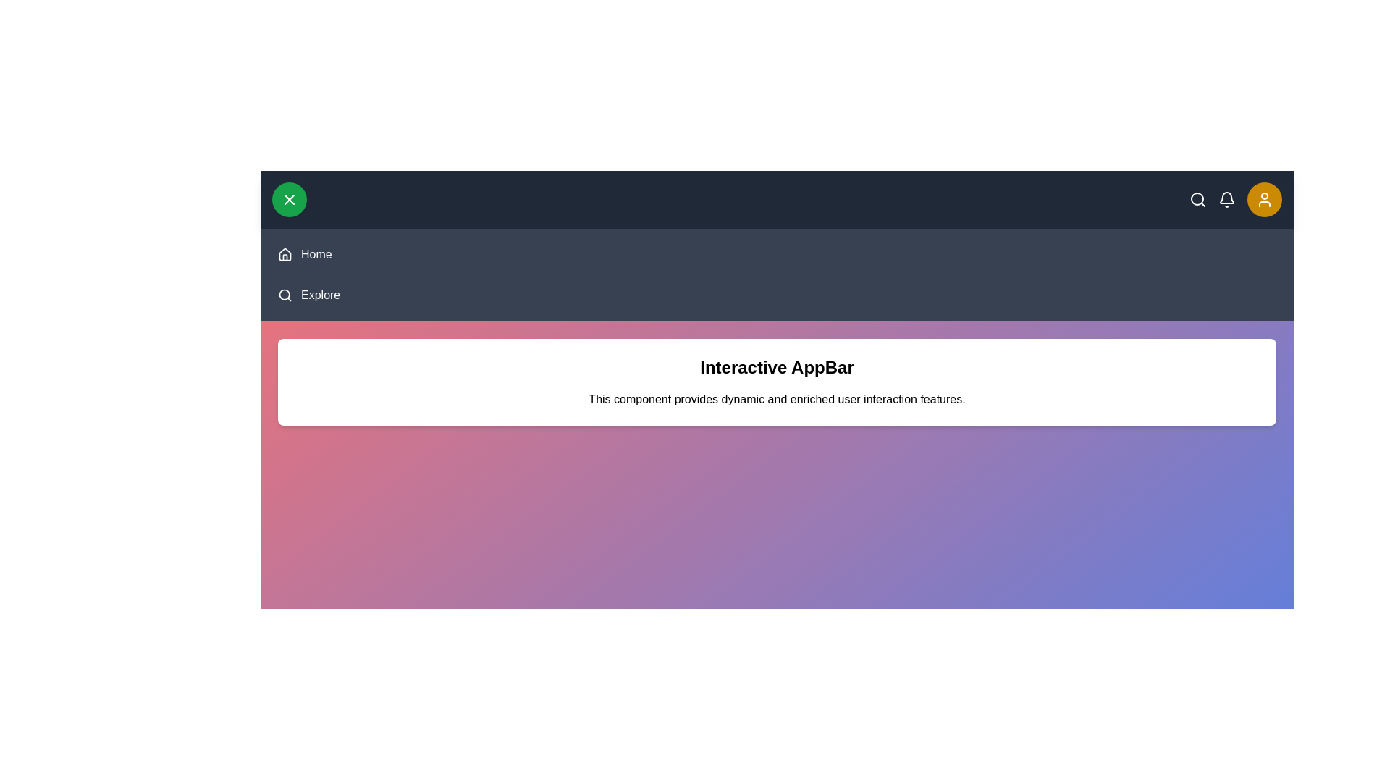  What do you see at coordinates (289, 200) in the screenshot?
I see `the green button in the top-left corner to toggle the menu` at bounding box center [289, 200].